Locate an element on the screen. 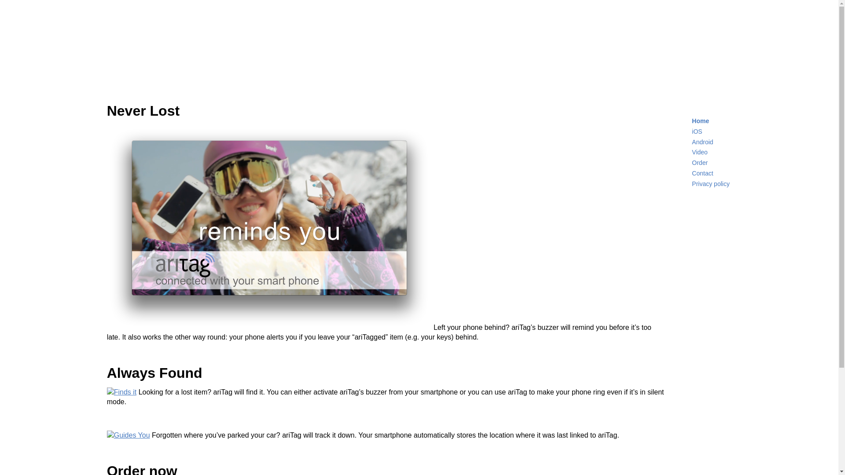  'Privacy policy' is located at coordinates (710, 183).